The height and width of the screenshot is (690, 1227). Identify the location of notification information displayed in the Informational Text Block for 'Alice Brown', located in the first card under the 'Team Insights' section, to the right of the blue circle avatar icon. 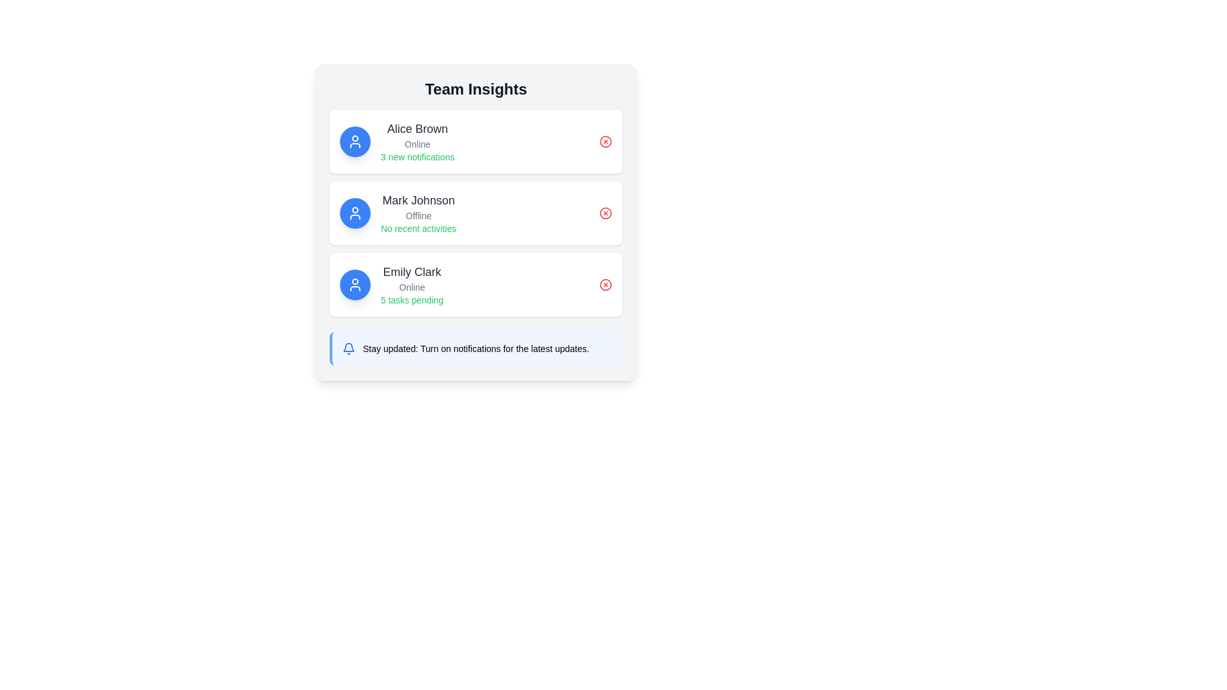
(417, 142).